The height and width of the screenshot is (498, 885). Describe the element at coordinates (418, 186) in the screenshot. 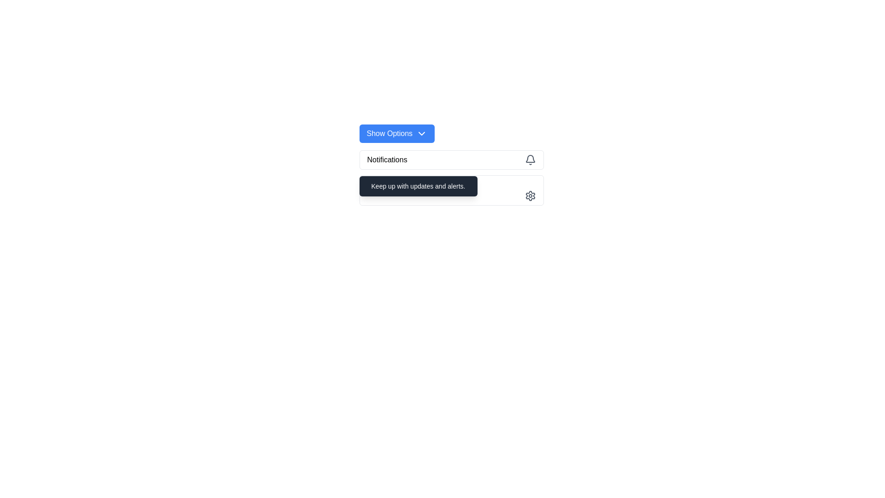

I see `the Informational message box that appears below the 'Notifications' section in the dropdown menu` at that location.